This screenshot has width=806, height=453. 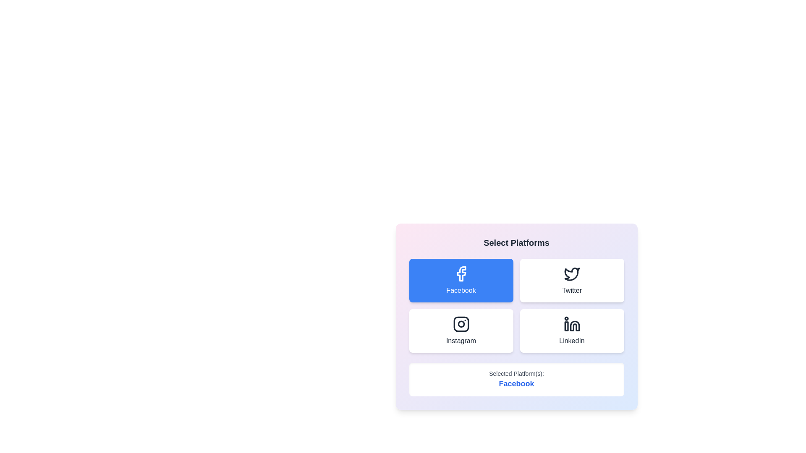 I want to click on the Twitter button, so click(x=571, y=280).